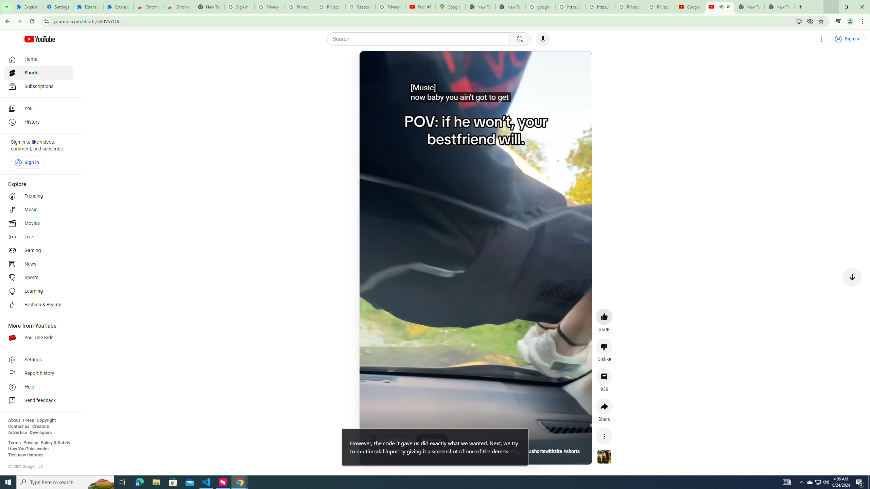 Image resolution: width=870 pixels, height=489 pixels. What do you see at coordinates (721, 6) in the screenshot?
I see `'Mute tab'` at bounding box center [721, 6].